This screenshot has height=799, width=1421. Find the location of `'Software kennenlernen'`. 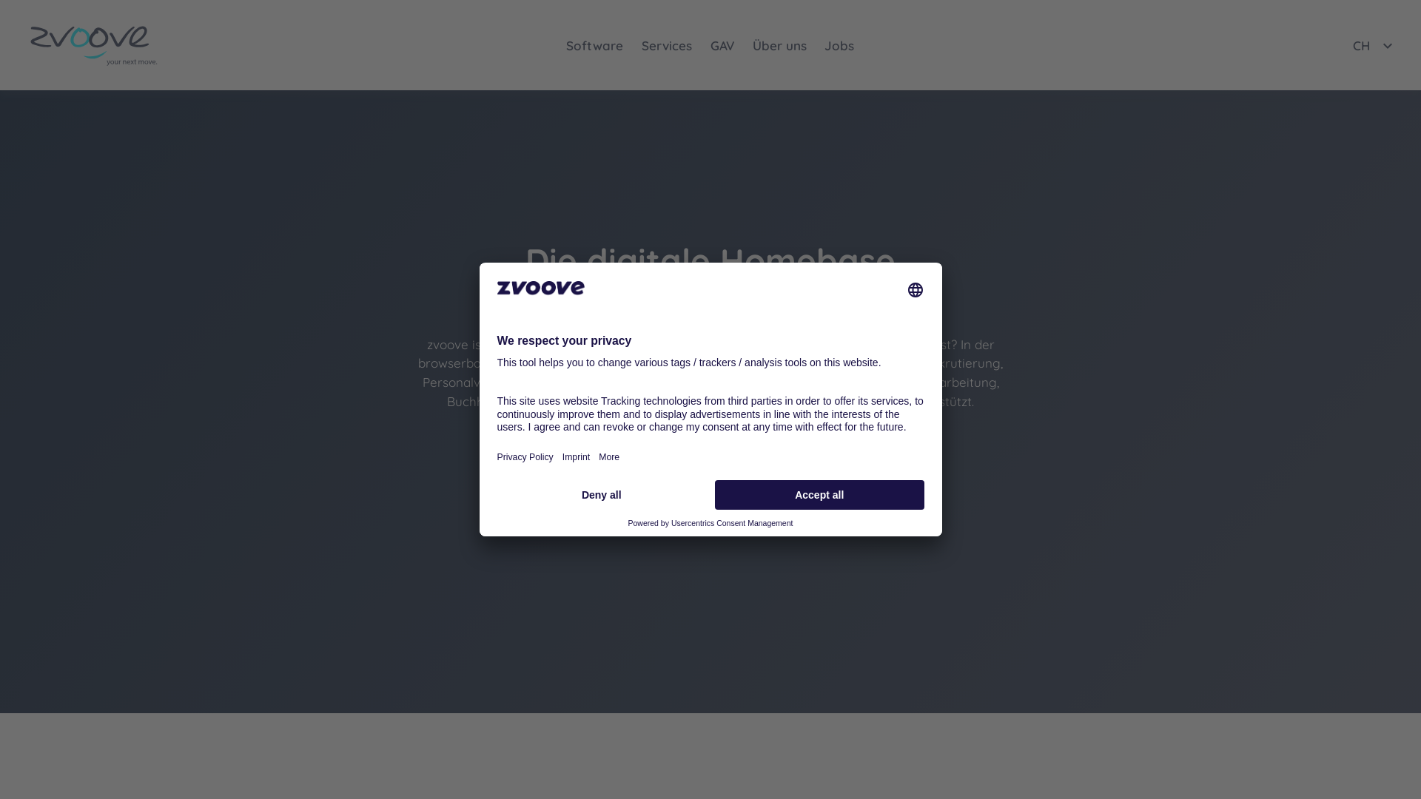

'Software kennenlernen' is located at coordinates (634, 447).